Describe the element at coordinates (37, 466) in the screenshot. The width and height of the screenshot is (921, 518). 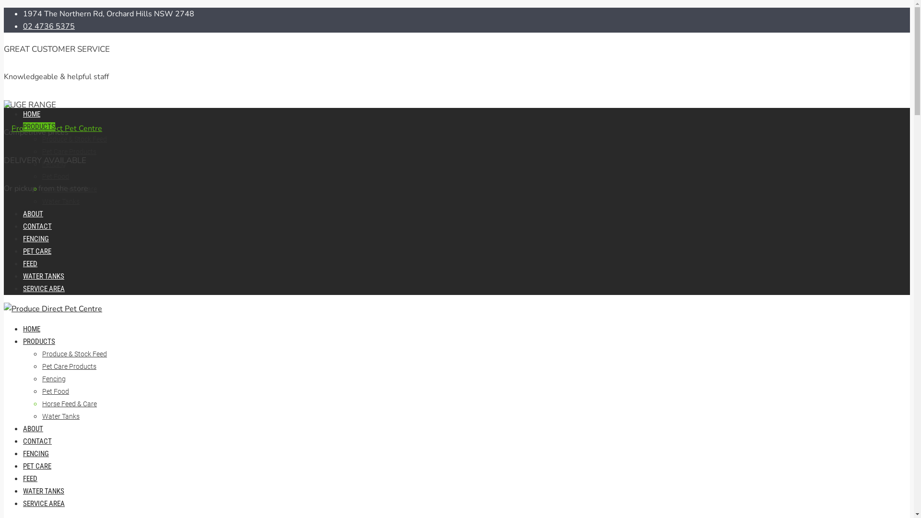
I see `'PET CARE'` at that location.